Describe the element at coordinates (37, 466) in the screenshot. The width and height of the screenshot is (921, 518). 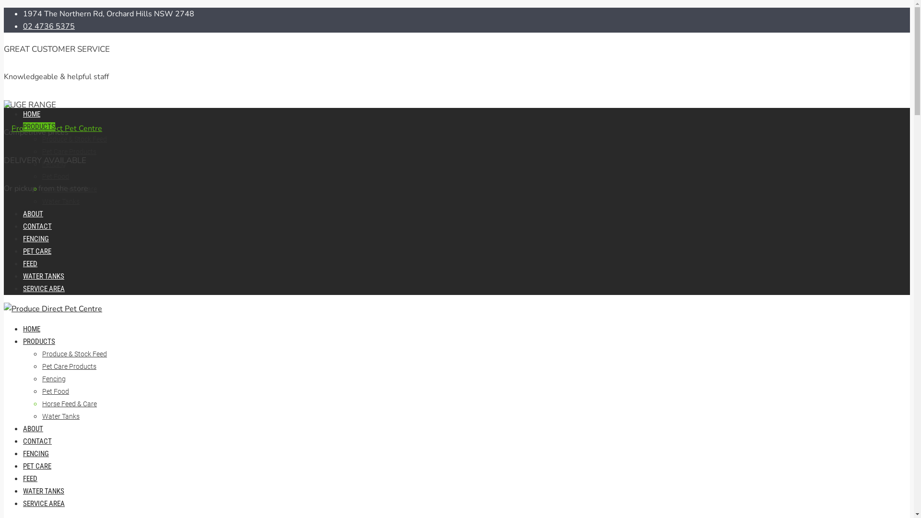
I see `'PET CARE'` at that location.